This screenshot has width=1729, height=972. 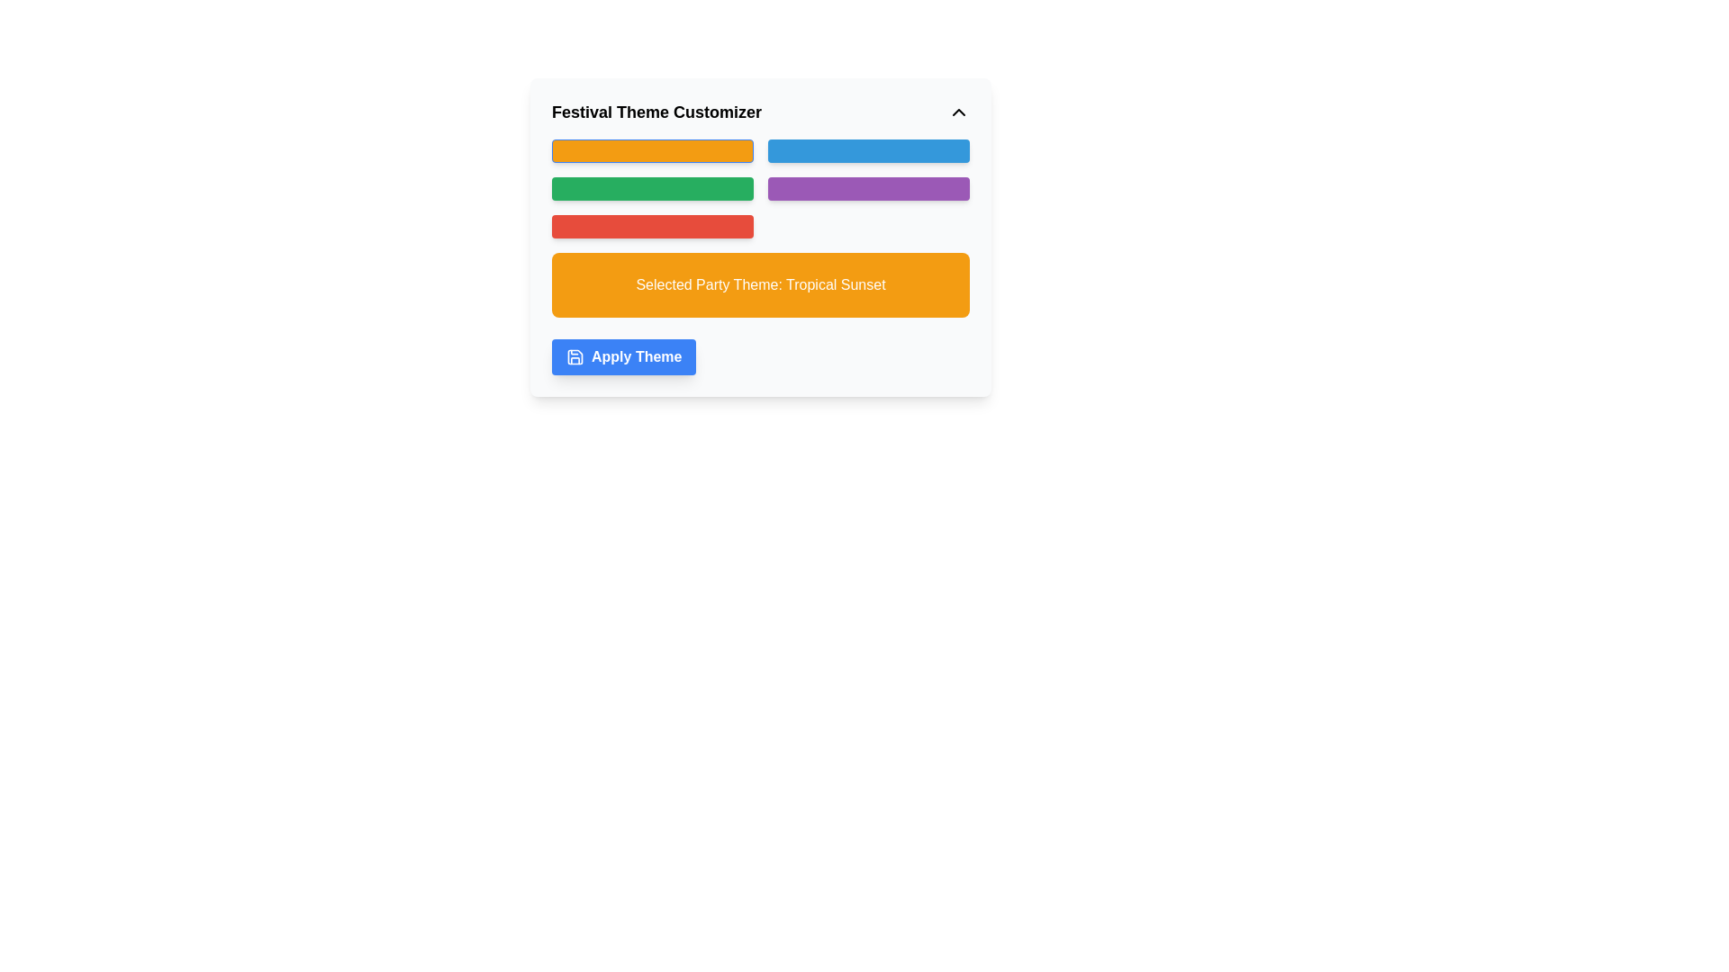 What do you see at coordinates (656, 112) in the screenshot?
I see `the static text label that serves as the title for the panel, indicating the customization of festival themes` at bounding box center [656, 112].